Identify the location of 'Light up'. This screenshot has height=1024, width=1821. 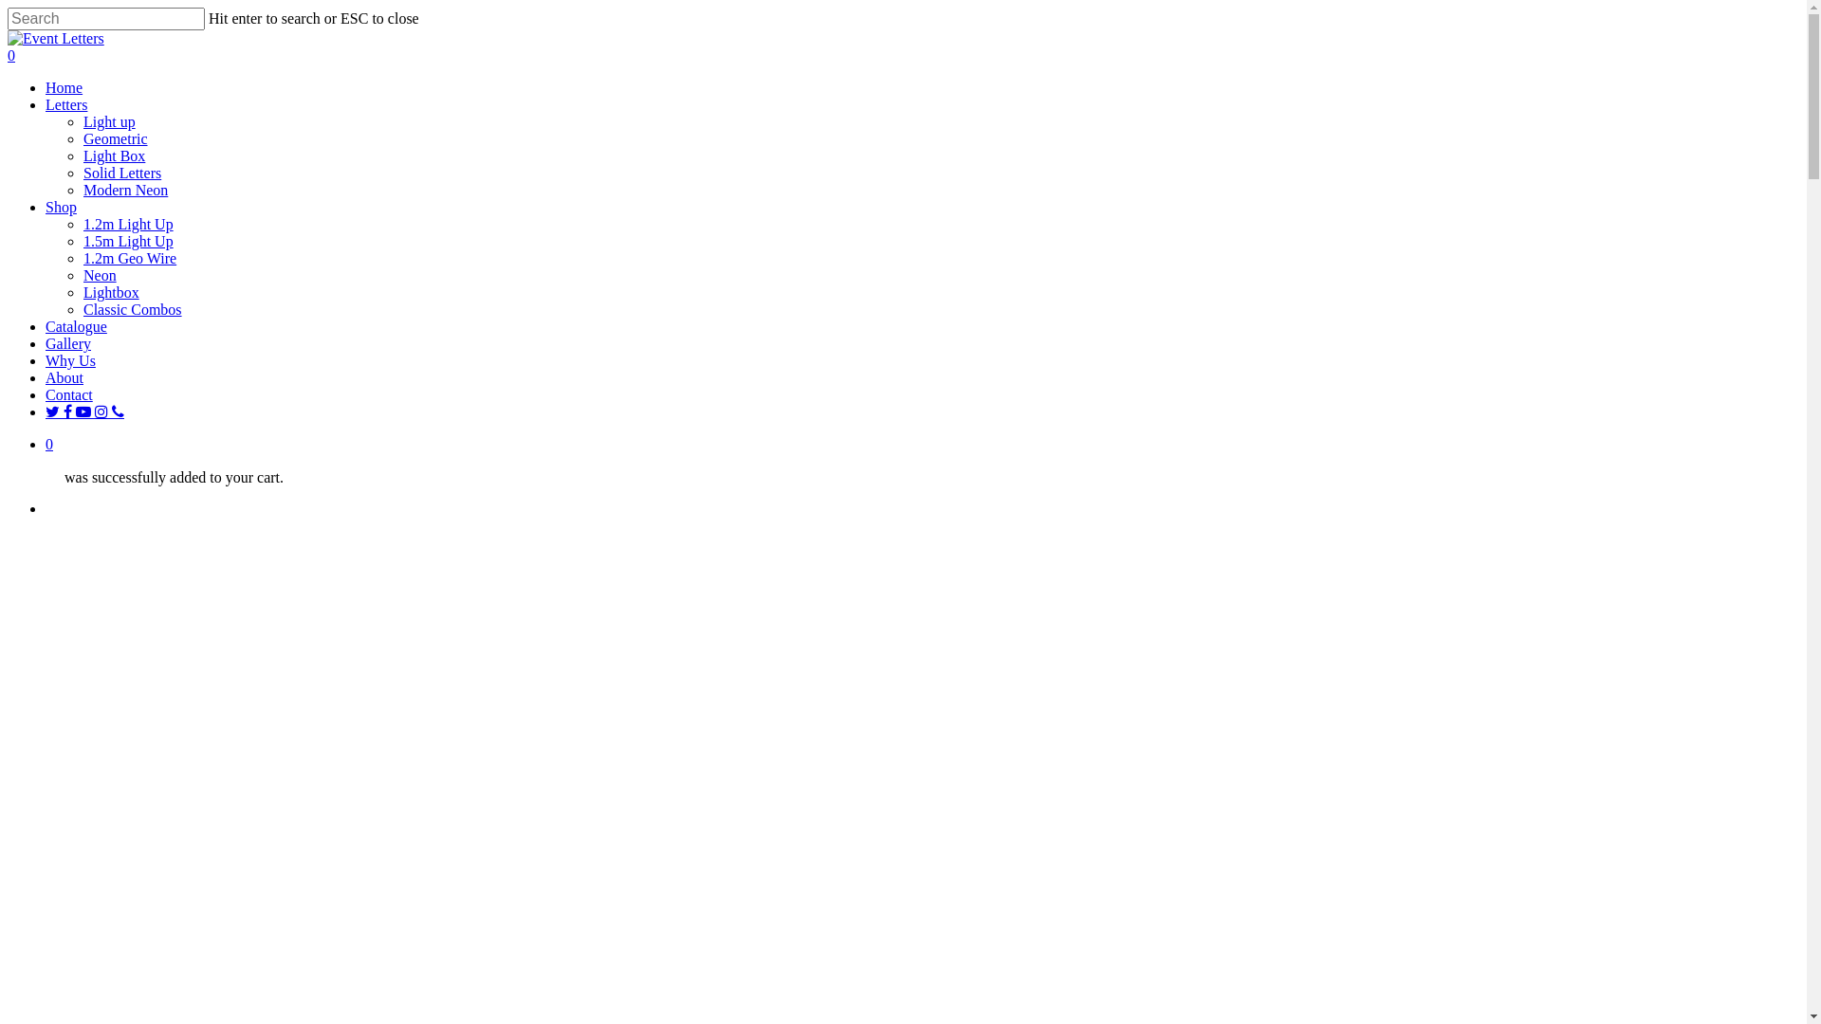
(82, 121).